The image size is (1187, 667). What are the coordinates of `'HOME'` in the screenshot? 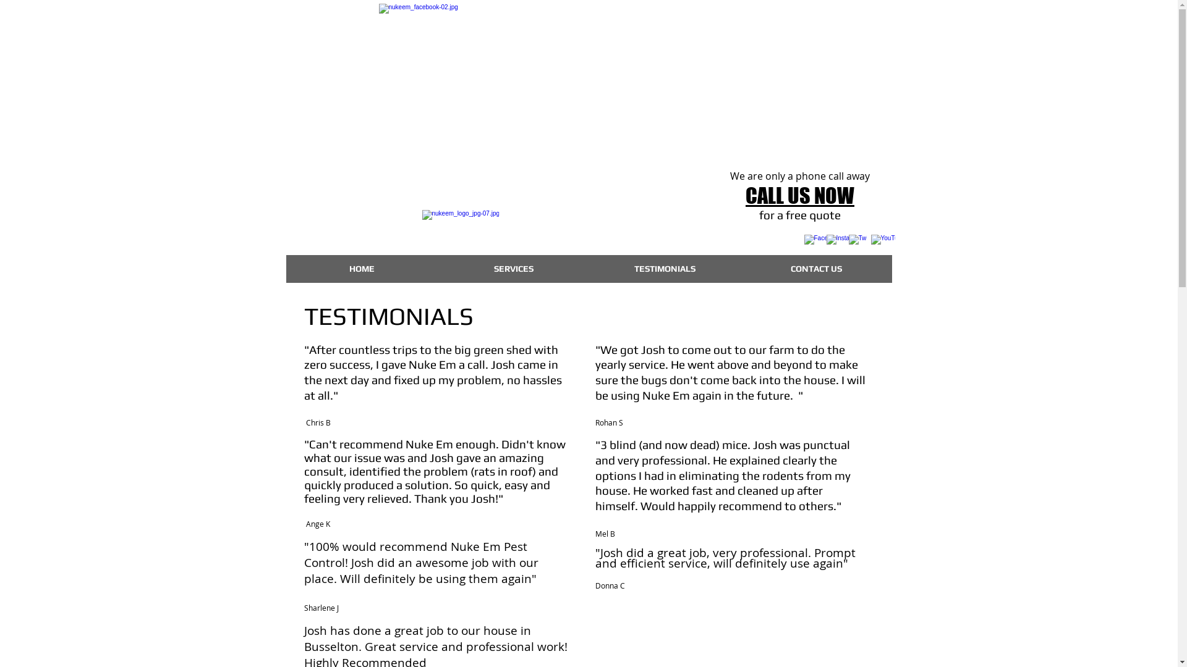 It's located at (360, 268).